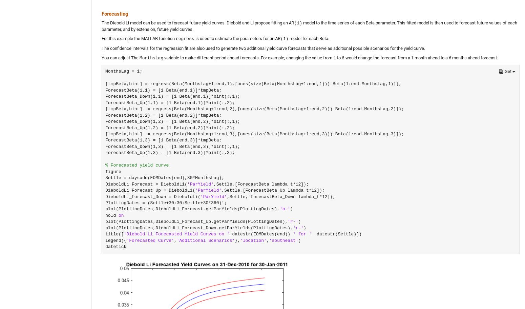  What do you see at coordinates (203, 243) in the screenshot?
I see `')
datetick'` at bounding box center [203, 243].